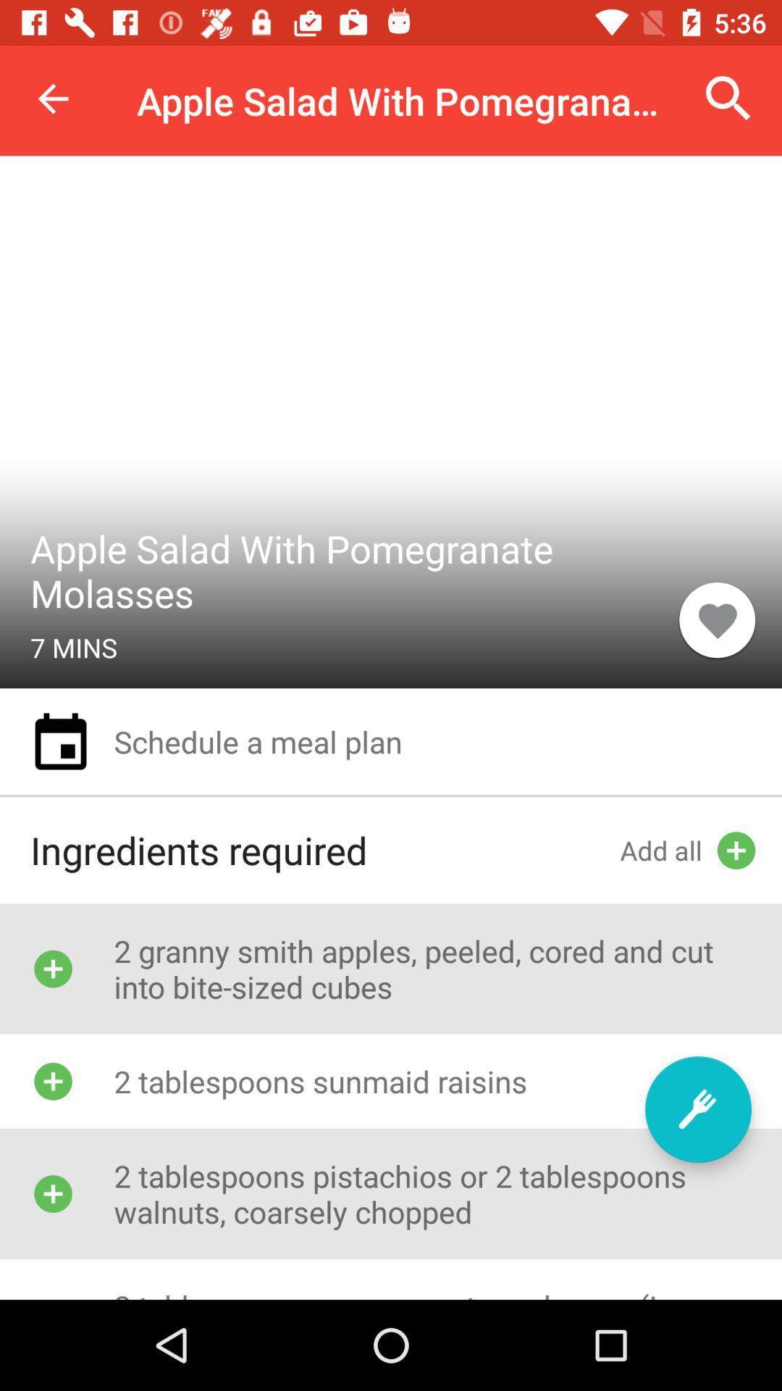 This screenshot has height=1391, width=782. What do you see at coordinates (697, 1108) in the screenshot?
I see `the item below 2 granny smith item` at bounding box center [697, 1108].